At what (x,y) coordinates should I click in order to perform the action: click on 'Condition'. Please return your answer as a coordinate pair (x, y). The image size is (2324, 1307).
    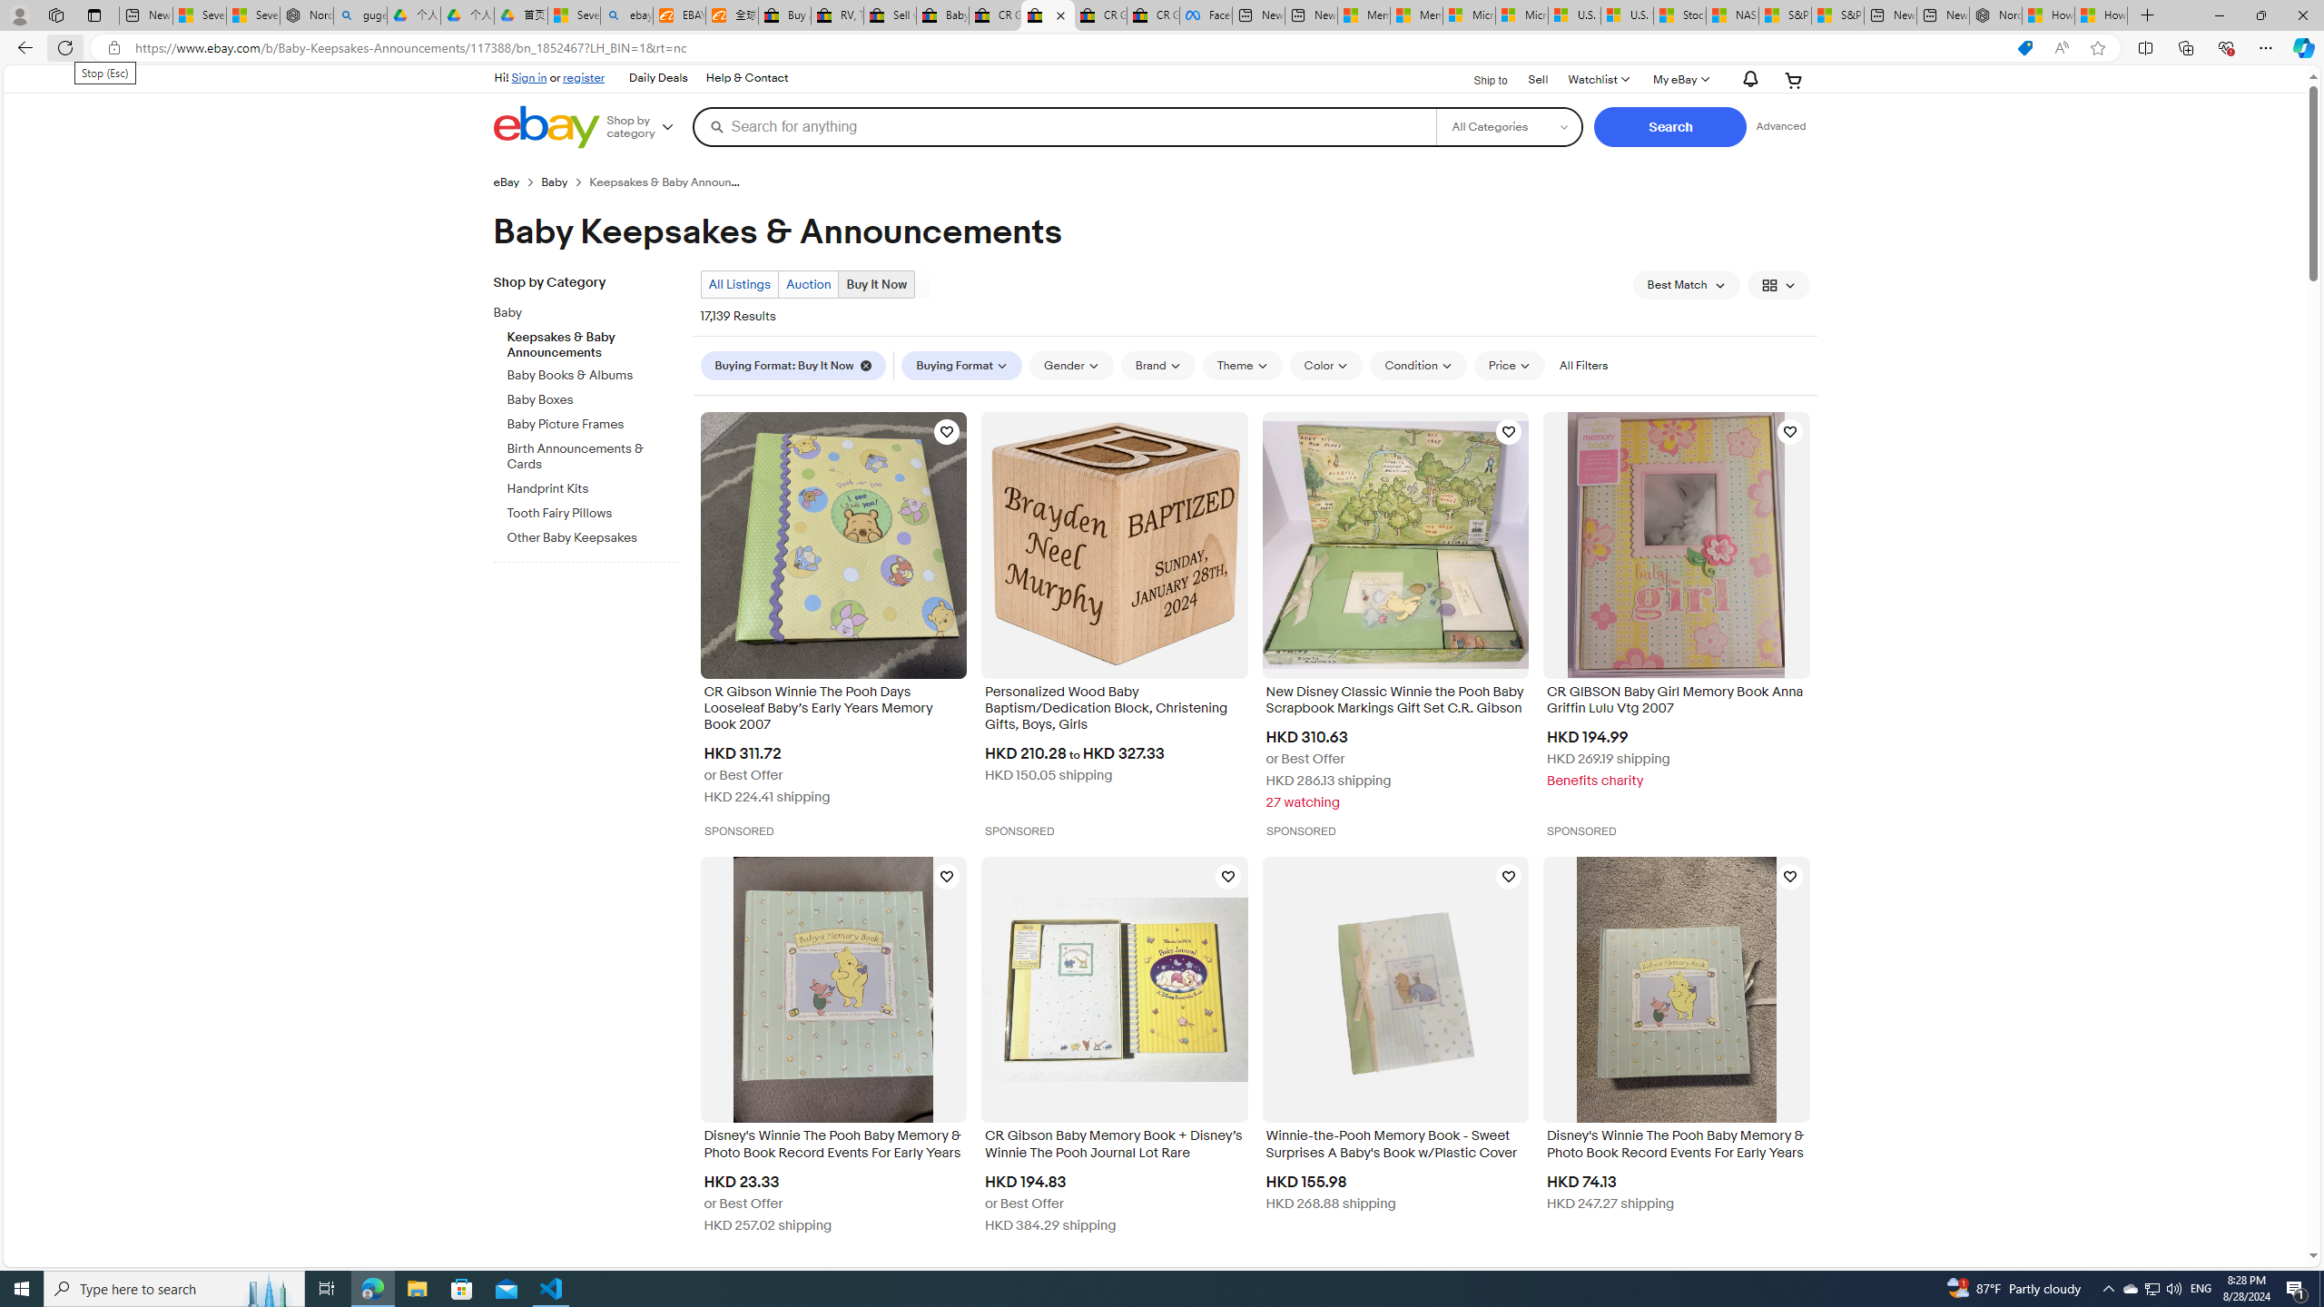
    Looking at the image, I should click on (1417, 365).